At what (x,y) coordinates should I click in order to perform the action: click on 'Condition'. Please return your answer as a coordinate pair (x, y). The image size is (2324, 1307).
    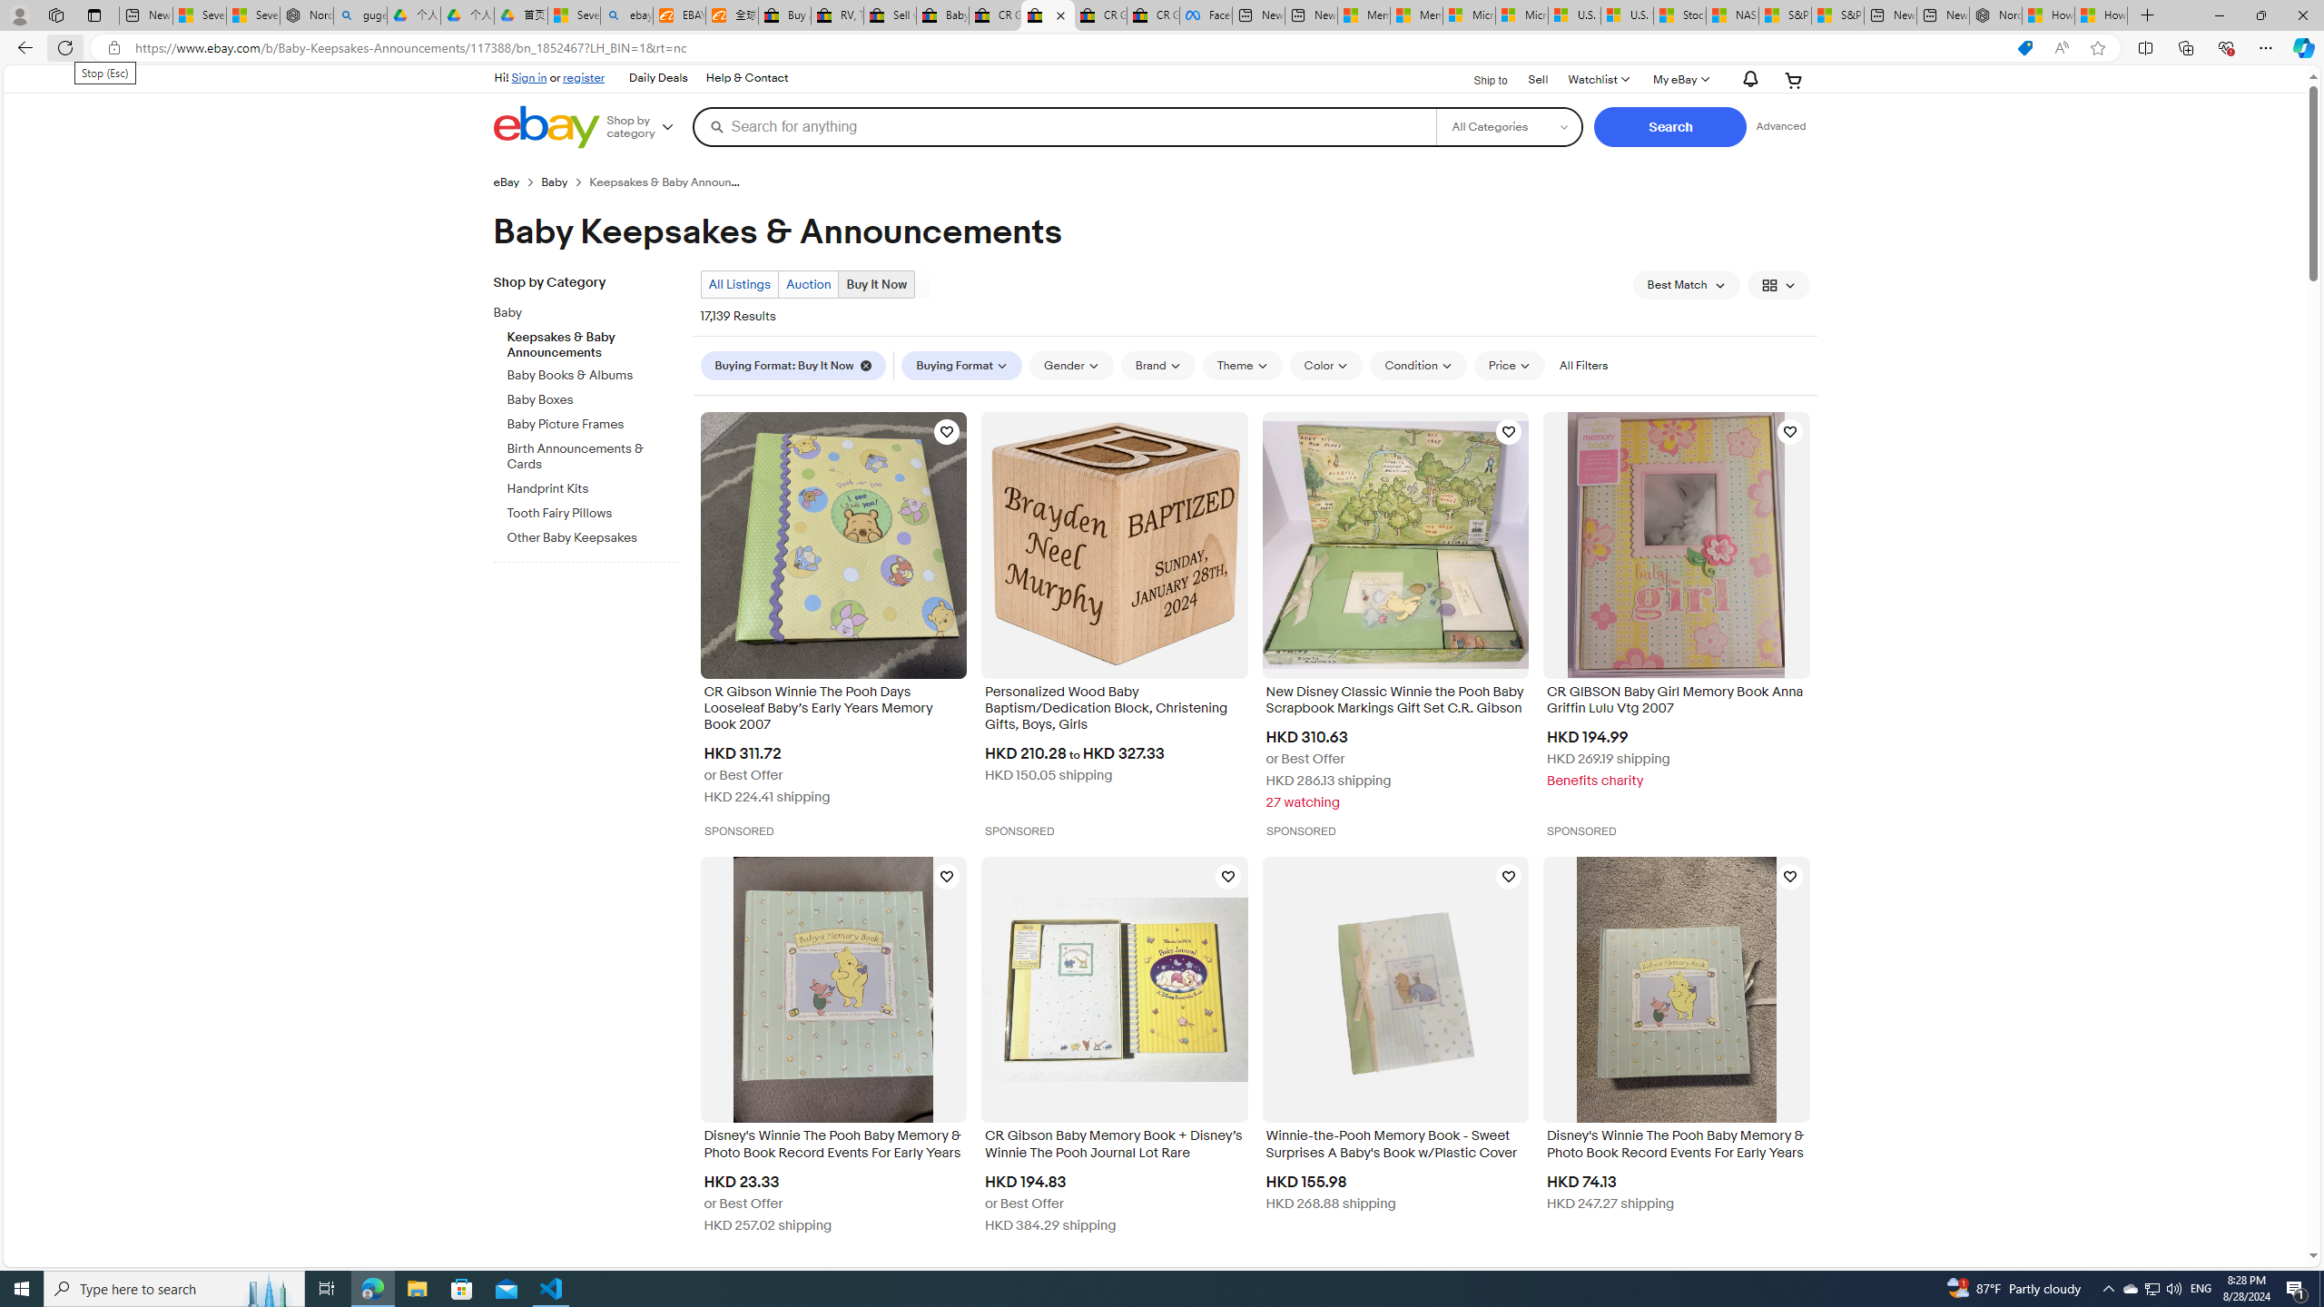
    Looking at the image, I should click on (1417, 365).